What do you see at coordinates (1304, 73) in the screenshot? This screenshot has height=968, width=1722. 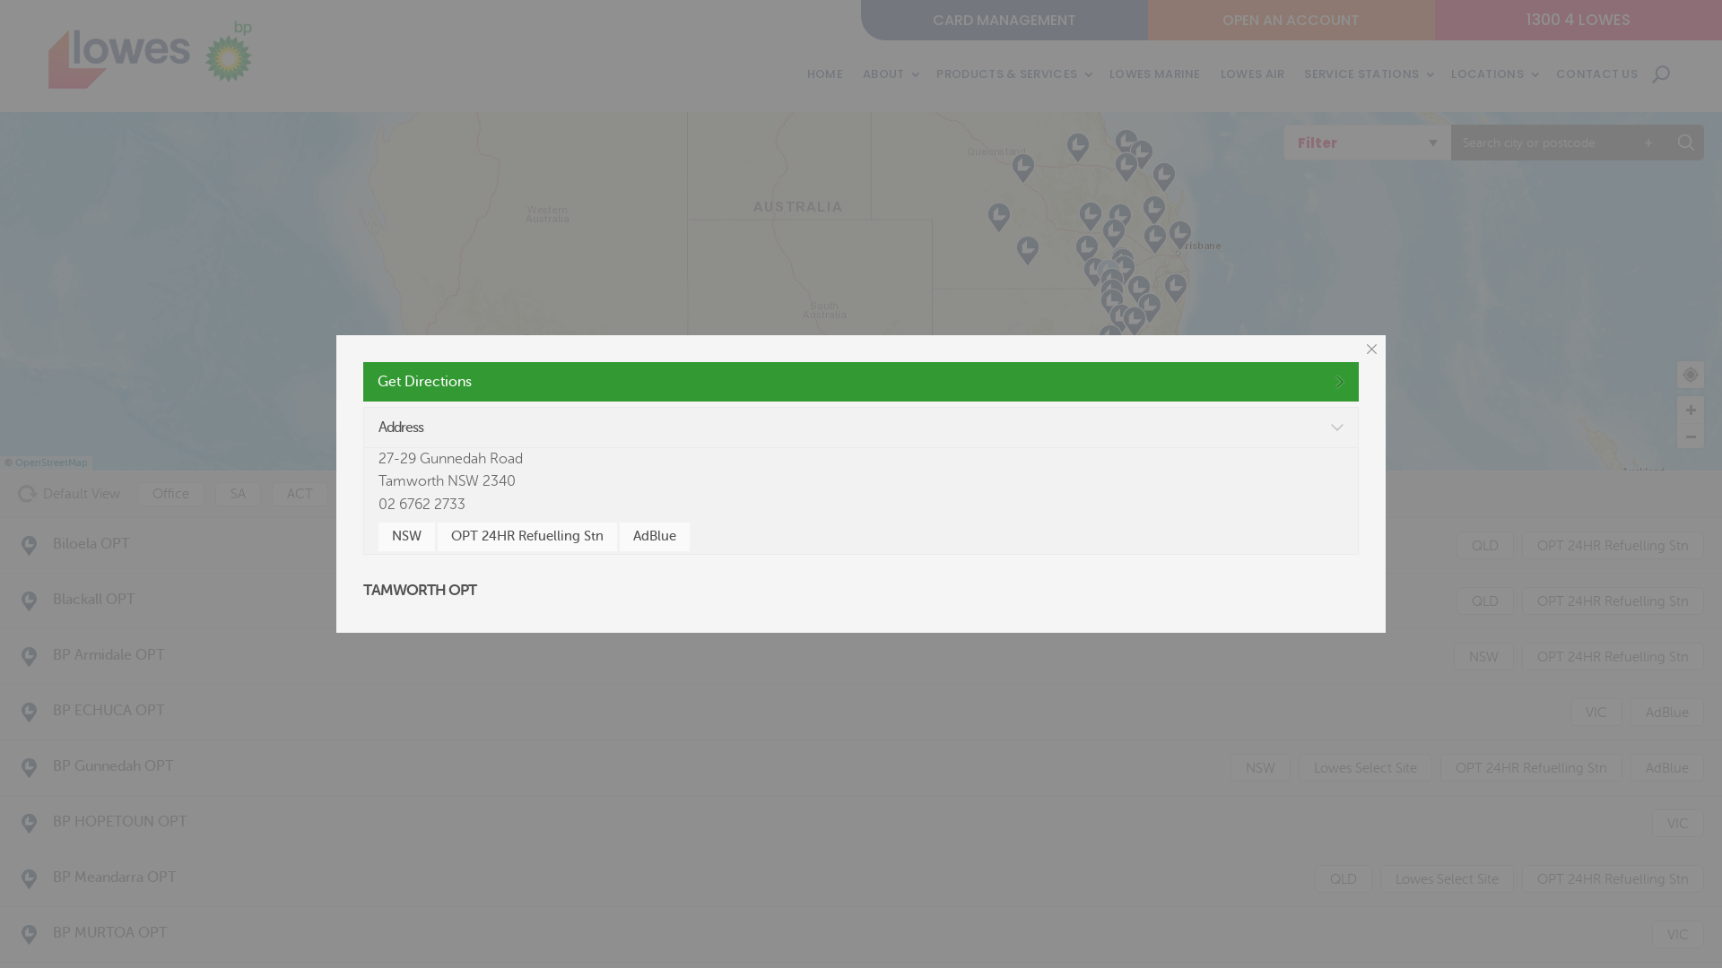 I see `'SERVICE STATIONS'` at bounding box center [1304, 73].